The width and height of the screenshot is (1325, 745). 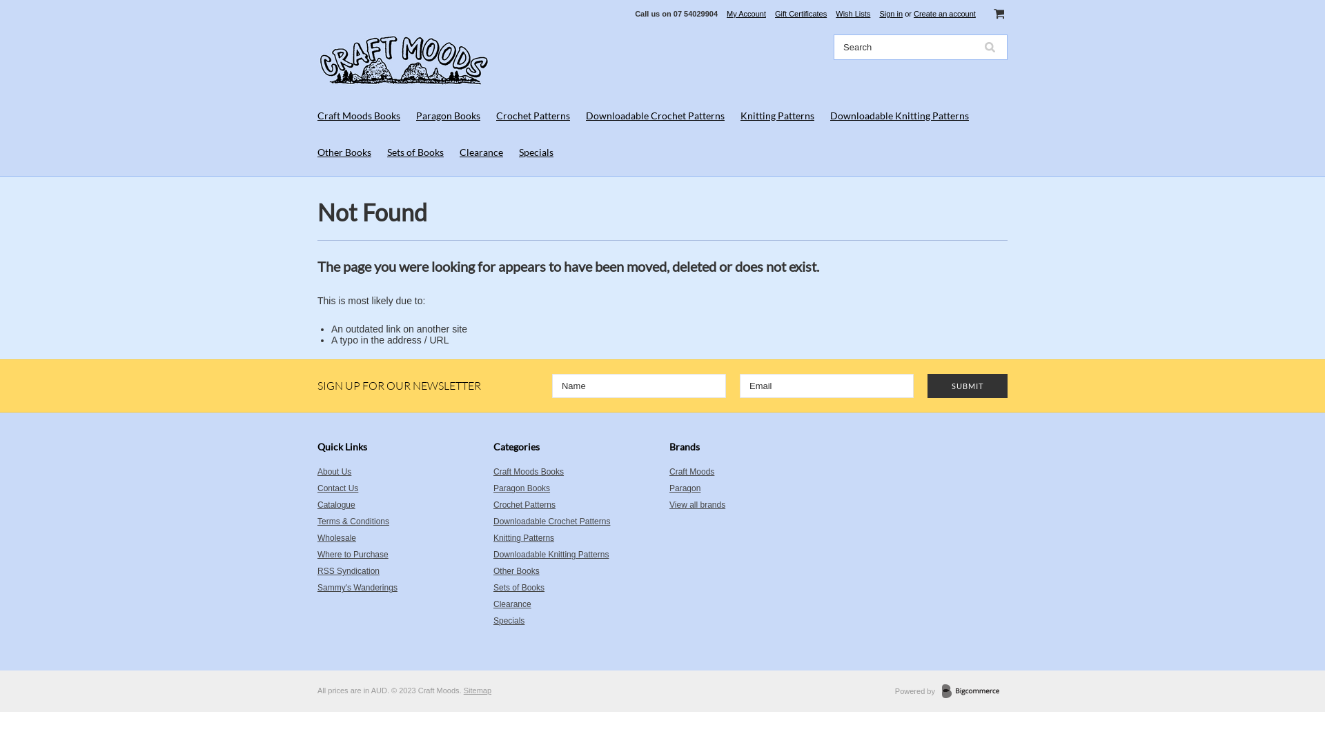 What do you see at coordinates (697, 505) in the screenshot?
I see `'View all brands'` at bounding box center [697, 505].